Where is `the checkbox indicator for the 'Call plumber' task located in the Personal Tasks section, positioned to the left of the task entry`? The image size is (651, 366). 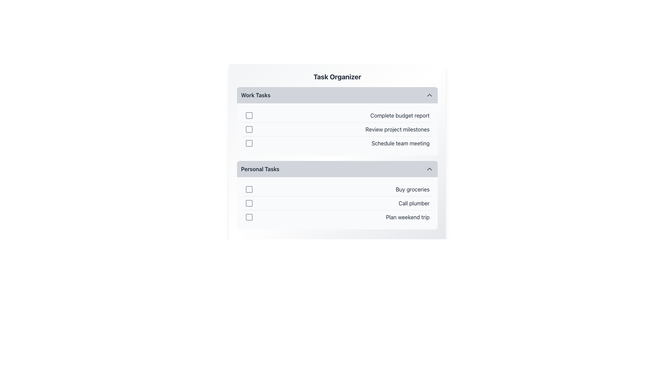
the checkbox indicator for the 'Call plumber' task located in the Personal Tasks section, positioned to the left of the task entry is located at coordinates (249, 203).